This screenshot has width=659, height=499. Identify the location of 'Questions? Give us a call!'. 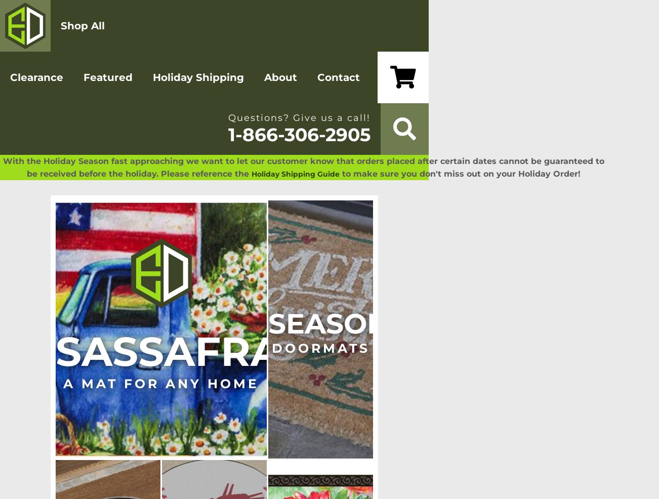
(228, 117).